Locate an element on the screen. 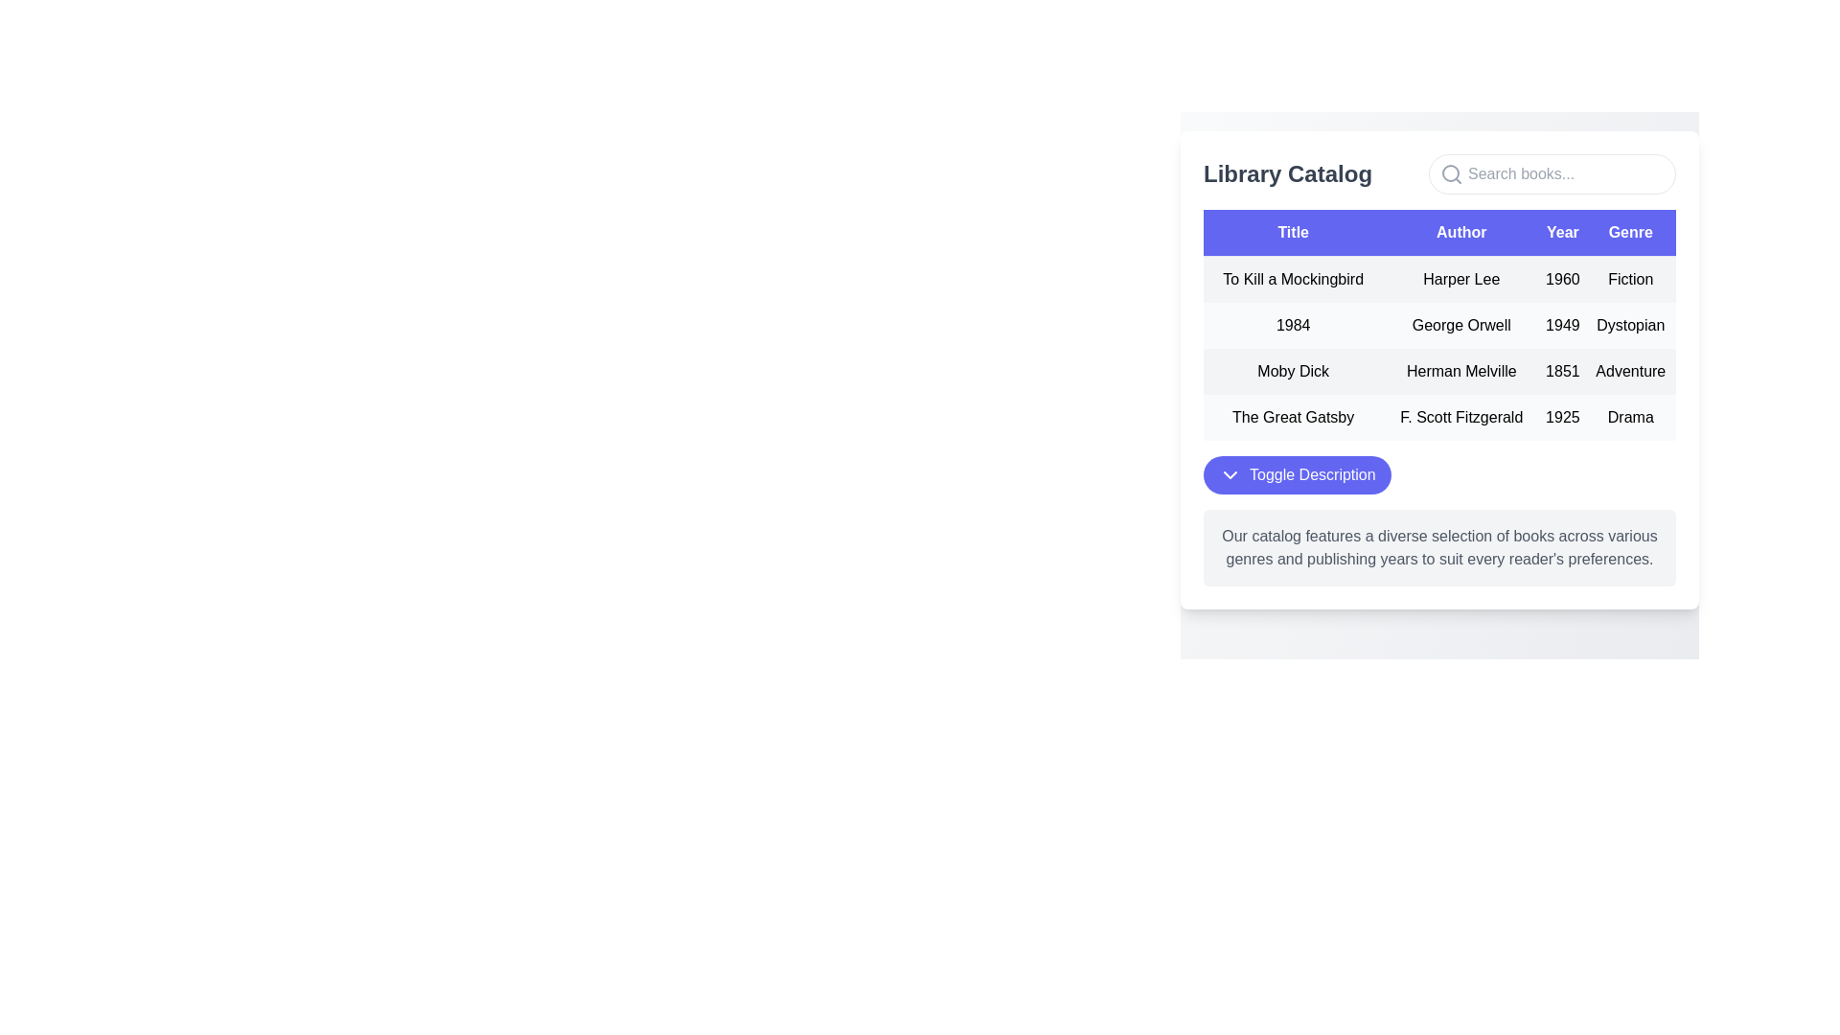 Image resolution: width=1840 pixels, height=1035 pixels. the static text element that serves as the header for the 'Title' column in the table is located at coordinates (1293, 232).